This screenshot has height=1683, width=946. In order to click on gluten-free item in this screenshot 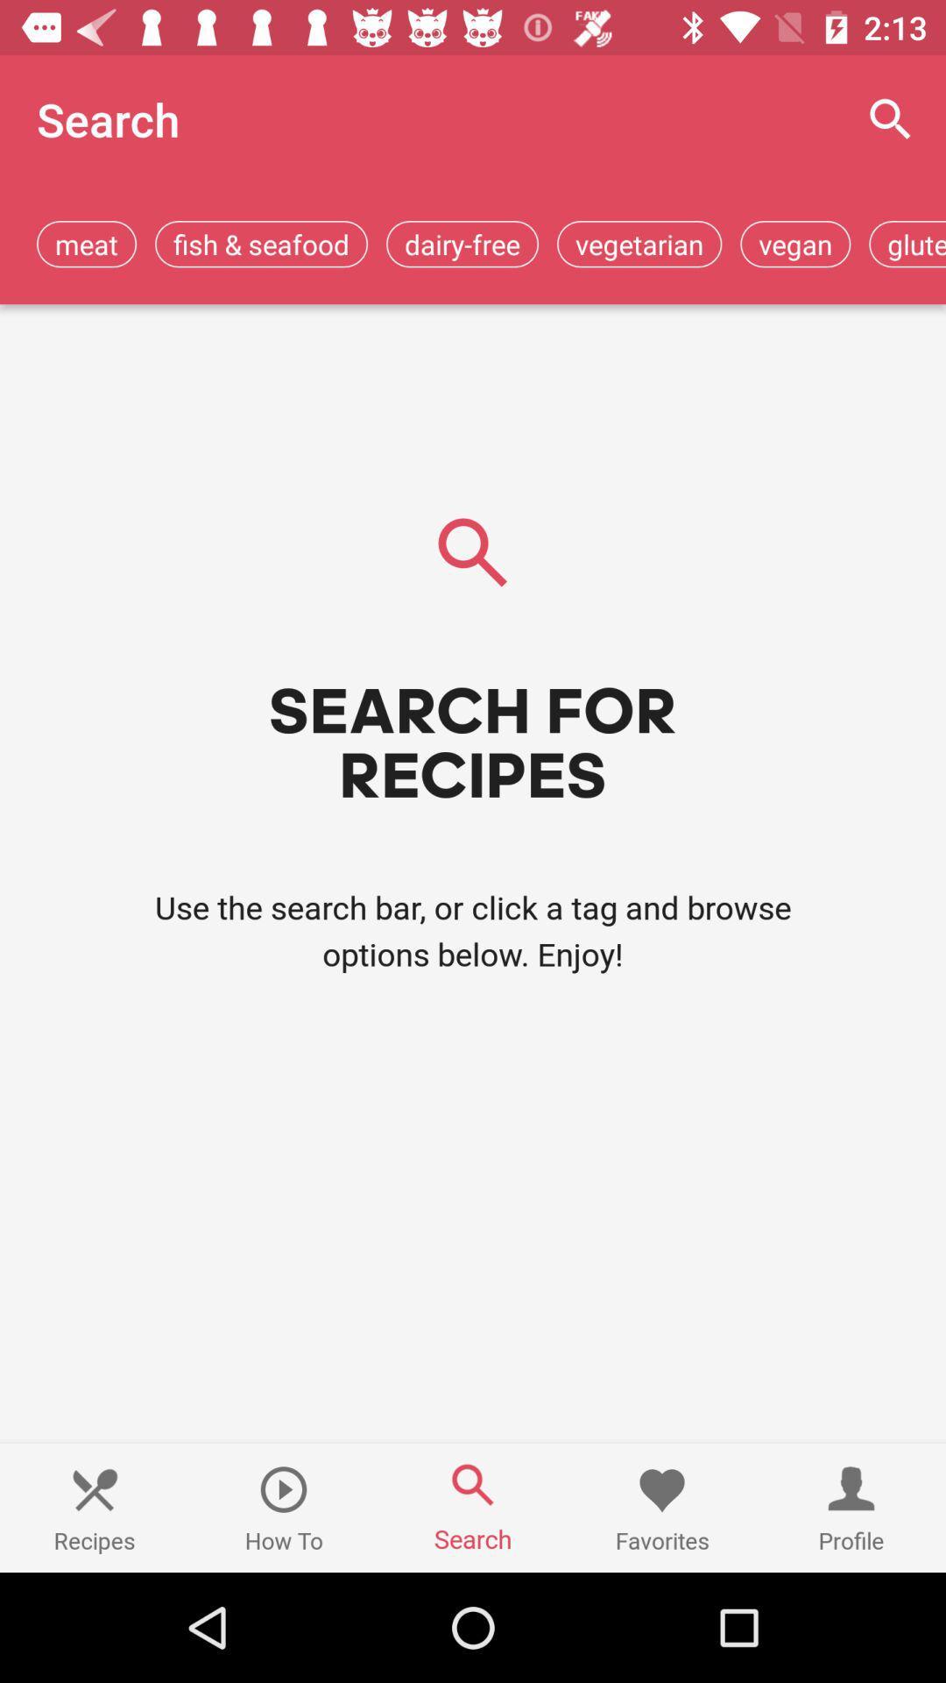, I will do `click(907, 243)`.